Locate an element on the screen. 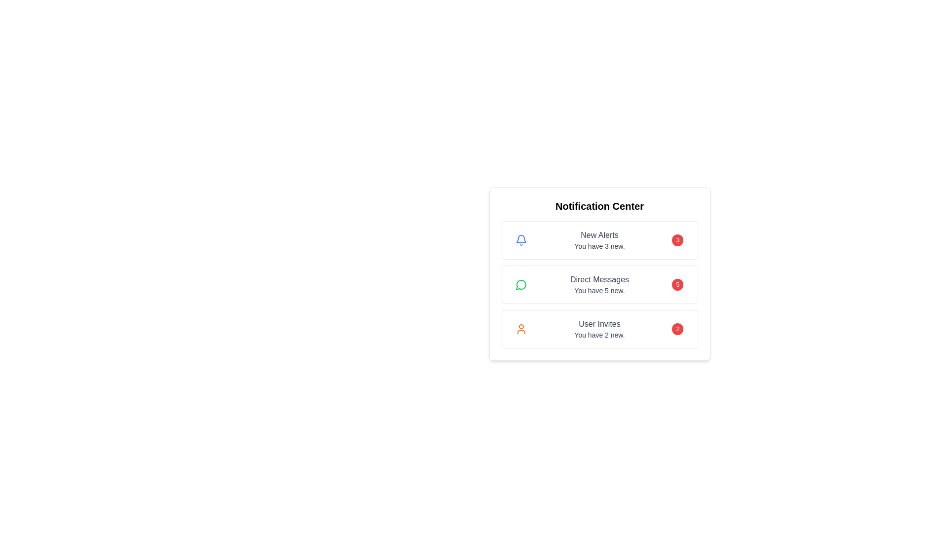 This screenshot has width=948, height=533. the notification number displayed on the Notification badge indicating '3 new' alerts in the Notification Center is located at coordinates (677, 240).